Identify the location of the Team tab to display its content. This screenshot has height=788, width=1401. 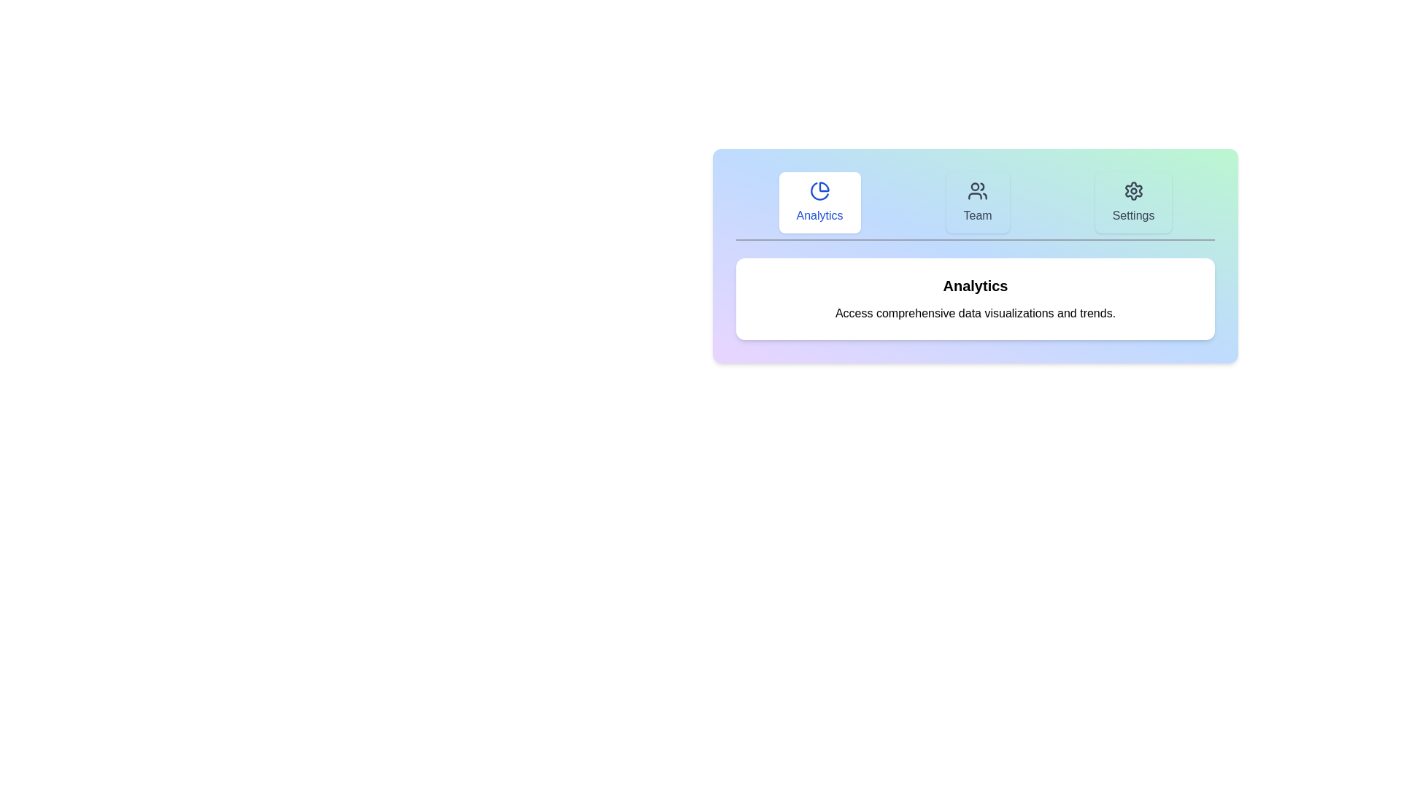
(978, 202).